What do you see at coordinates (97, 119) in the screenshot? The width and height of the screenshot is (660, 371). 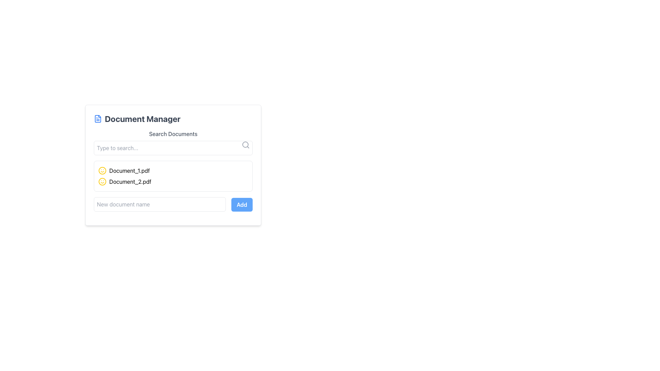 I see `the graphical icon resembling a file document, which is blue and located near the 'Document Manager' text` at bounding box center [97, 119].